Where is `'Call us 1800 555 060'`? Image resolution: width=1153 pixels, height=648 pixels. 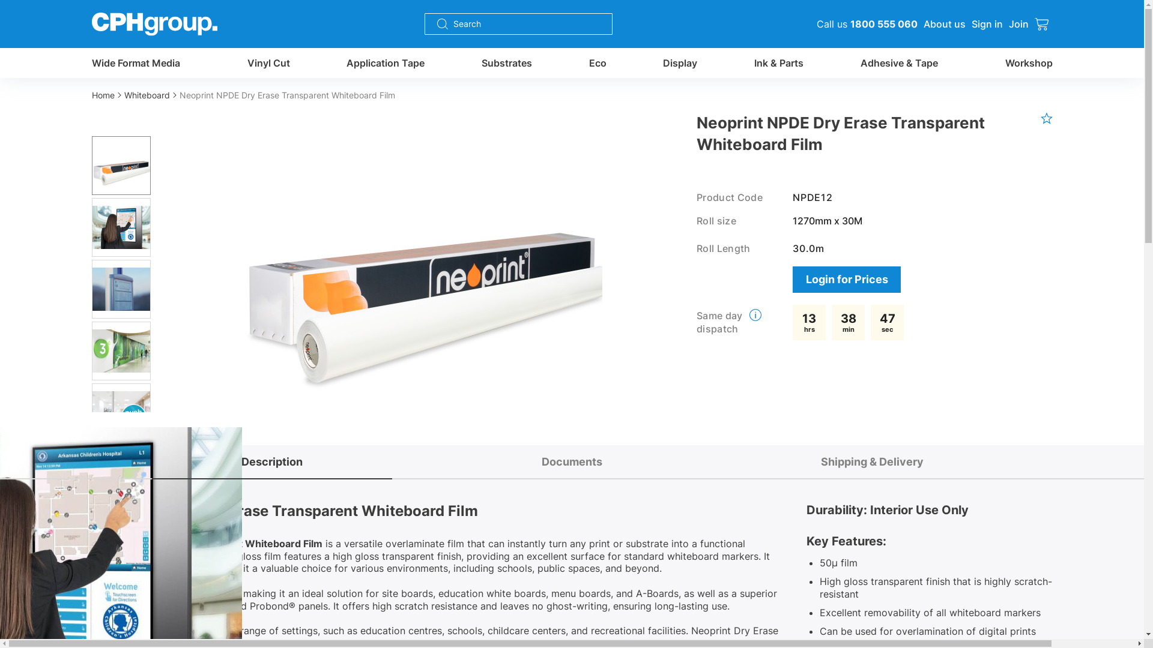 'Call us 1800 555 060' is located at coordinates (816, 24).